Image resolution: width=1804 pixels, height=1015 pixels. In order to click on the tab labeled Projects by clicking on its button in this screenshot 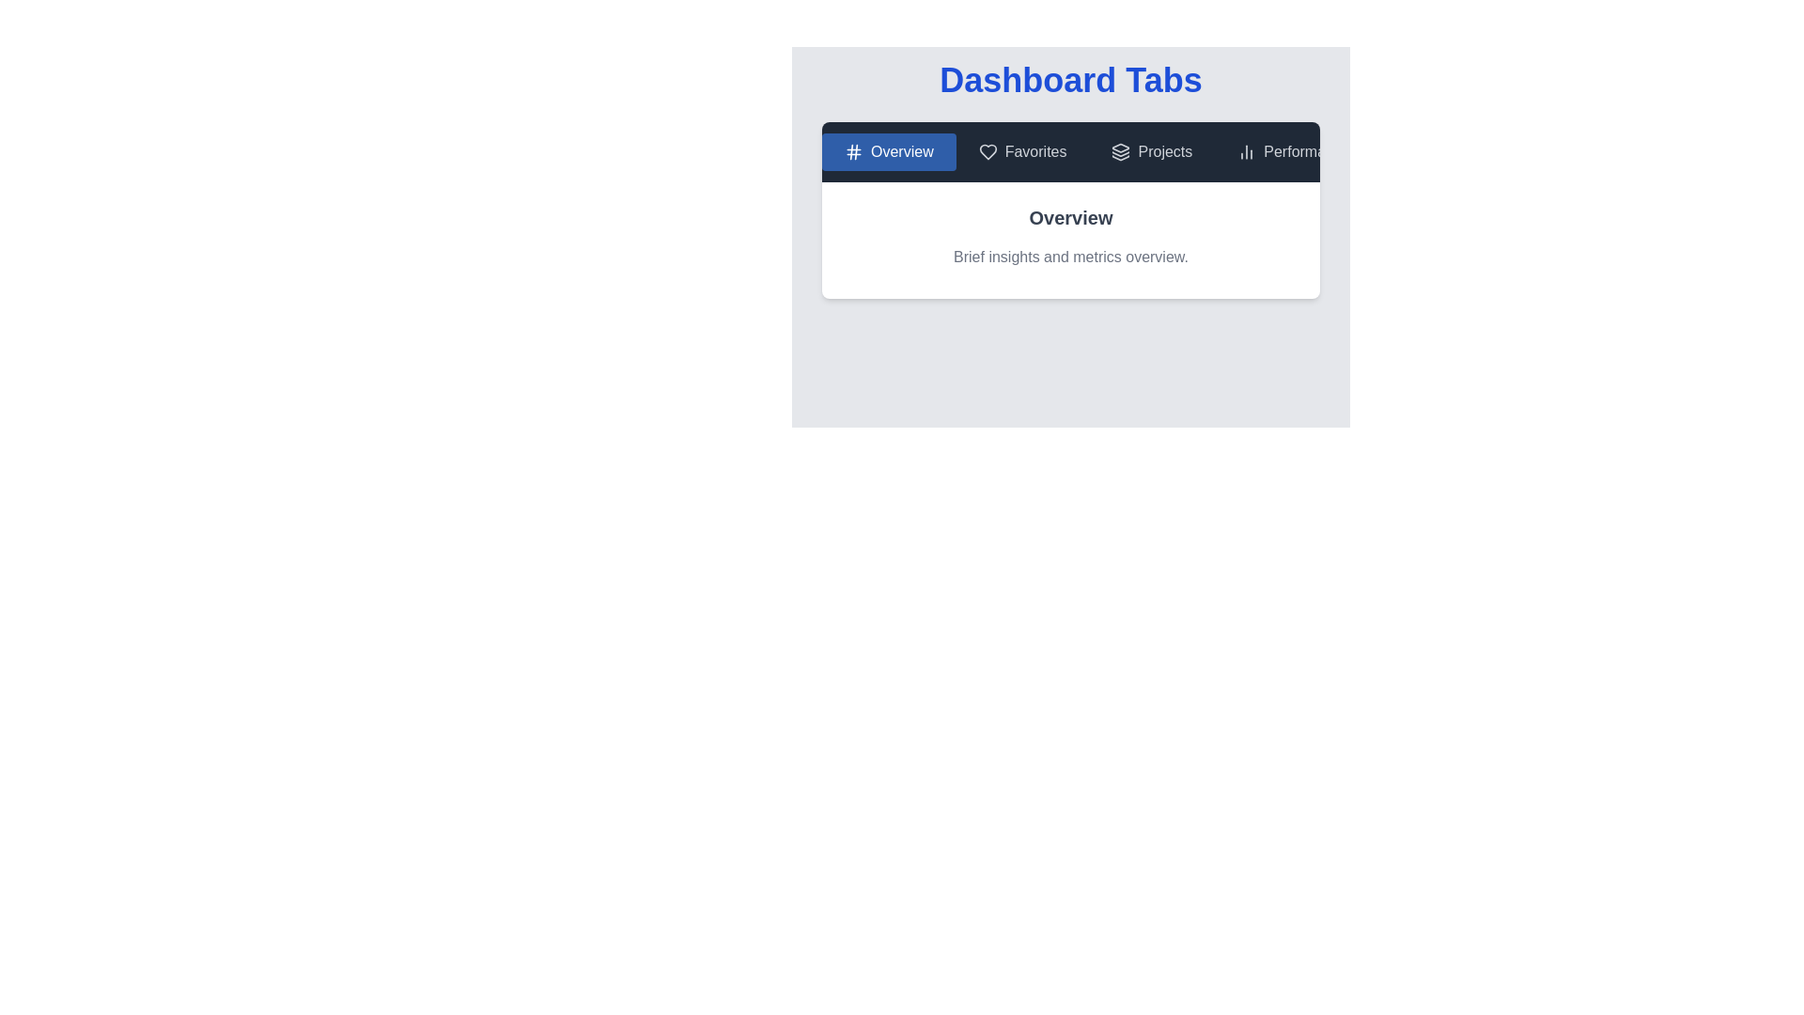, I will do `click(1151, 151)`.